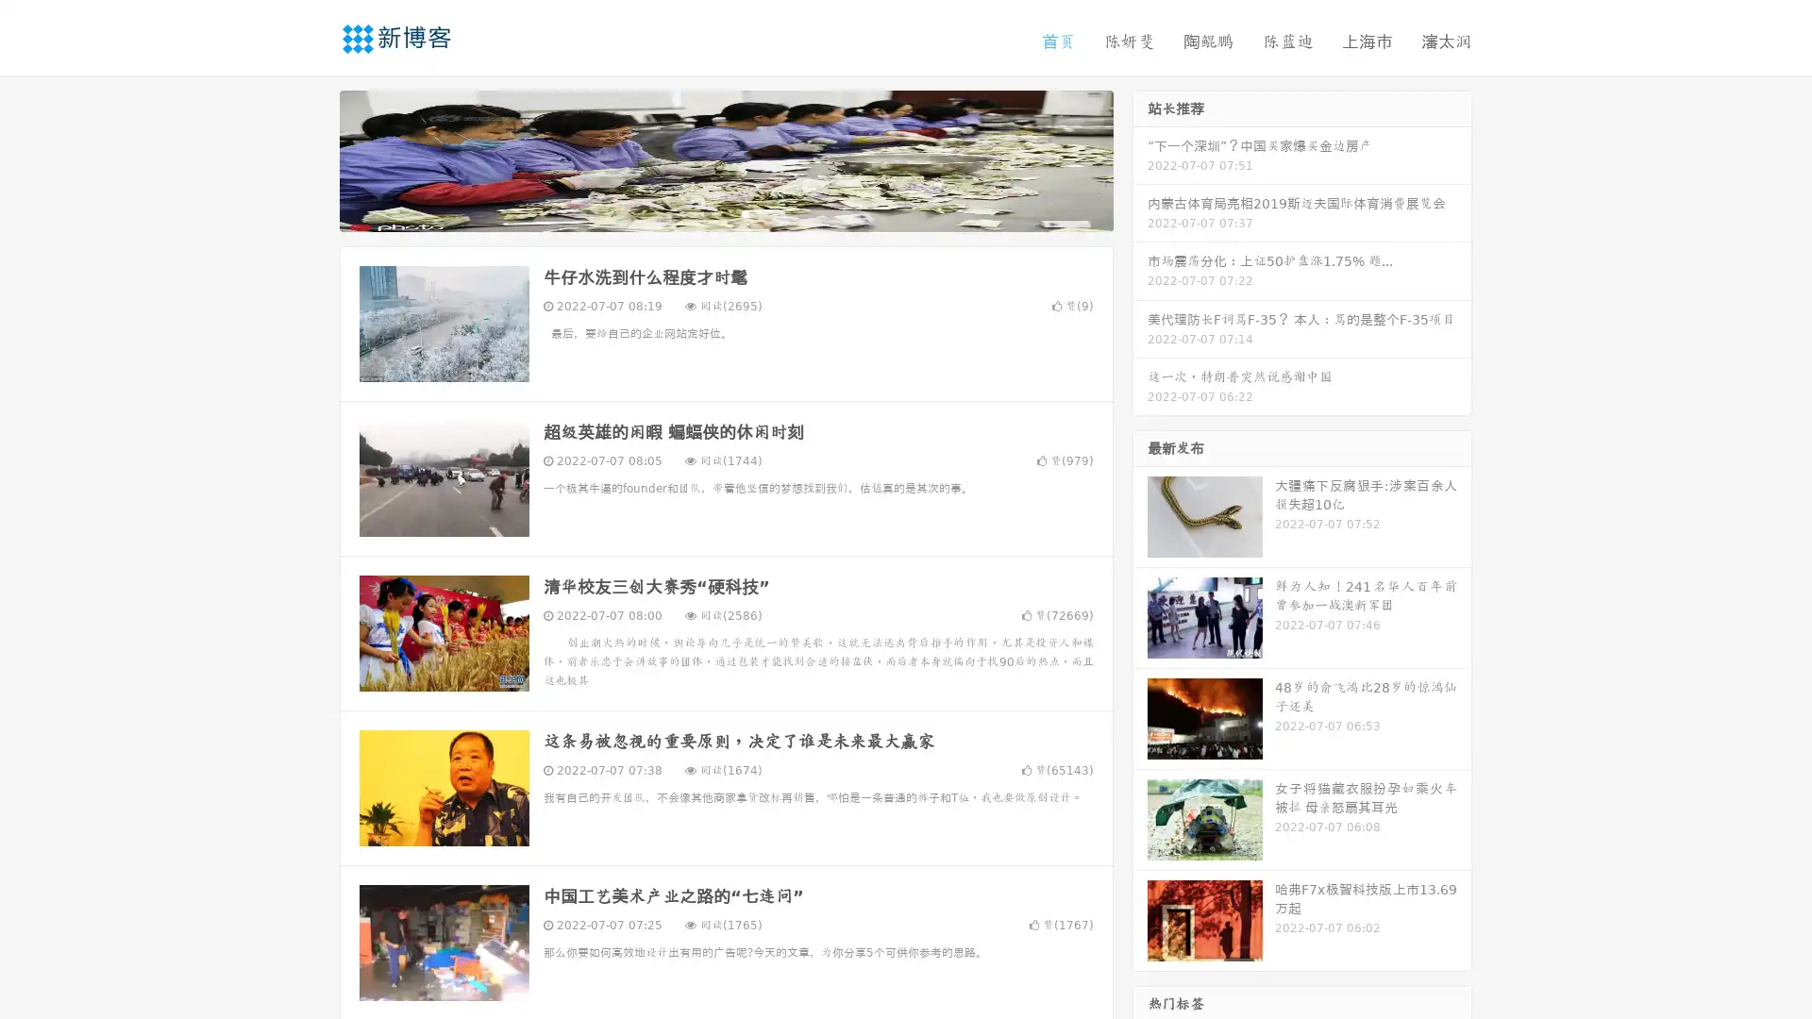 The height and width of the screenshot is (1019, 1812). Describe the element at coordinates (706, 212) in the screenshot. I see `Go to slide 1` at that location.